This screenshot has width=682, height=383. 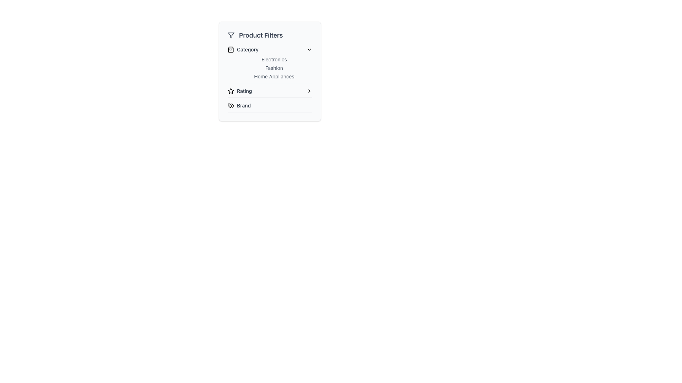 What do you see at coordinates (244, 105) in the screenshot?
I see `the 'Brand' filter option label located below the 'Rating' section` at bounding box center [244, 105].